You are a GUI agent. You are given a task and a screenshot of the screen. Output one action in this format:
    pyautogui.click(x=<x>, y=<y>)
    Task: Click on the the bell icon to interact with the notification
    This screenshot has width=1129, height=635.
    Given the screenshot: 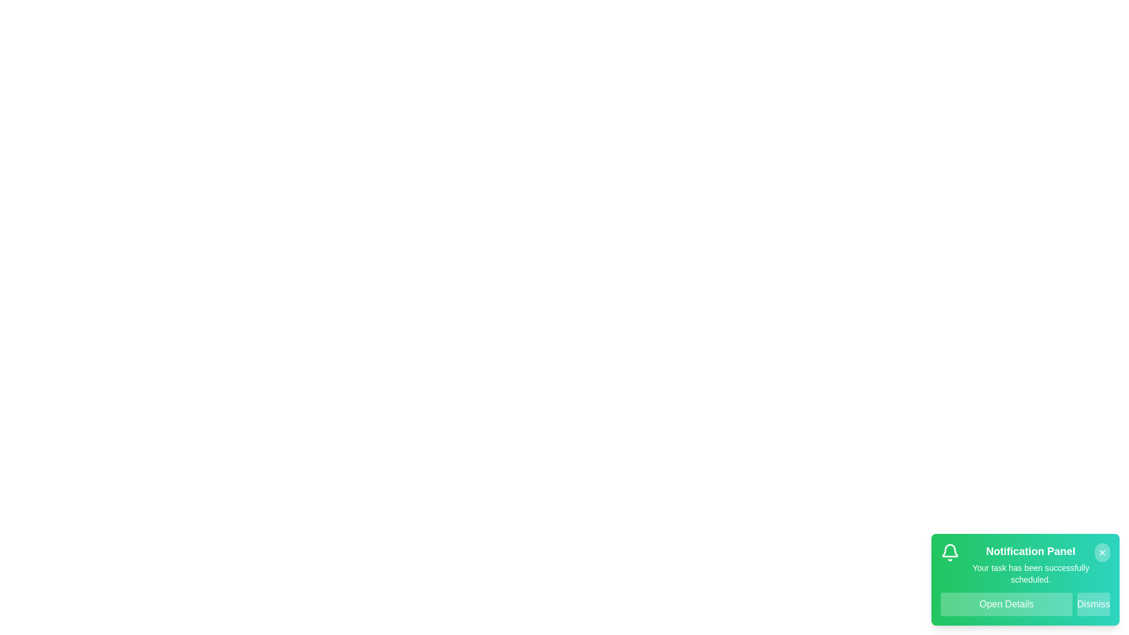 What is the action you would take?
    pyautogui.click(x=950, y=553)
    